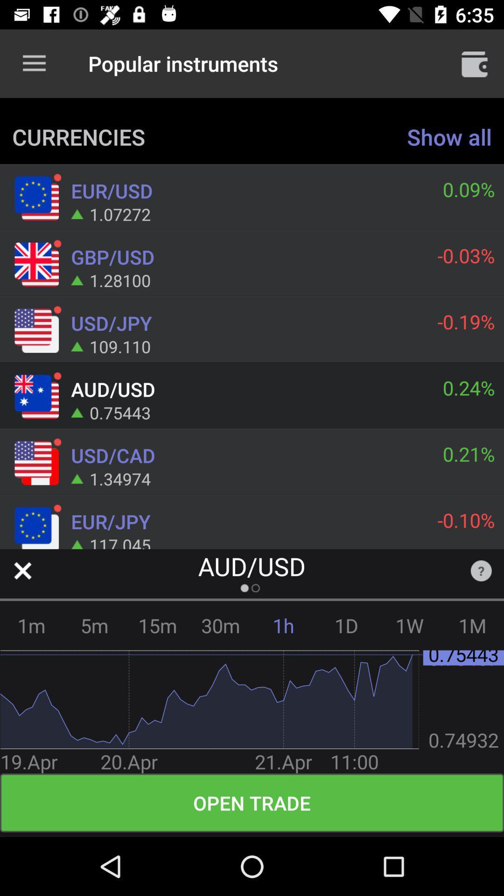 The width and height of the screenshot is (504, 896). What do you see at coordinates (475, 63) in the screenshot?
I see `icon above show all item` at bounding box center [475, 63].